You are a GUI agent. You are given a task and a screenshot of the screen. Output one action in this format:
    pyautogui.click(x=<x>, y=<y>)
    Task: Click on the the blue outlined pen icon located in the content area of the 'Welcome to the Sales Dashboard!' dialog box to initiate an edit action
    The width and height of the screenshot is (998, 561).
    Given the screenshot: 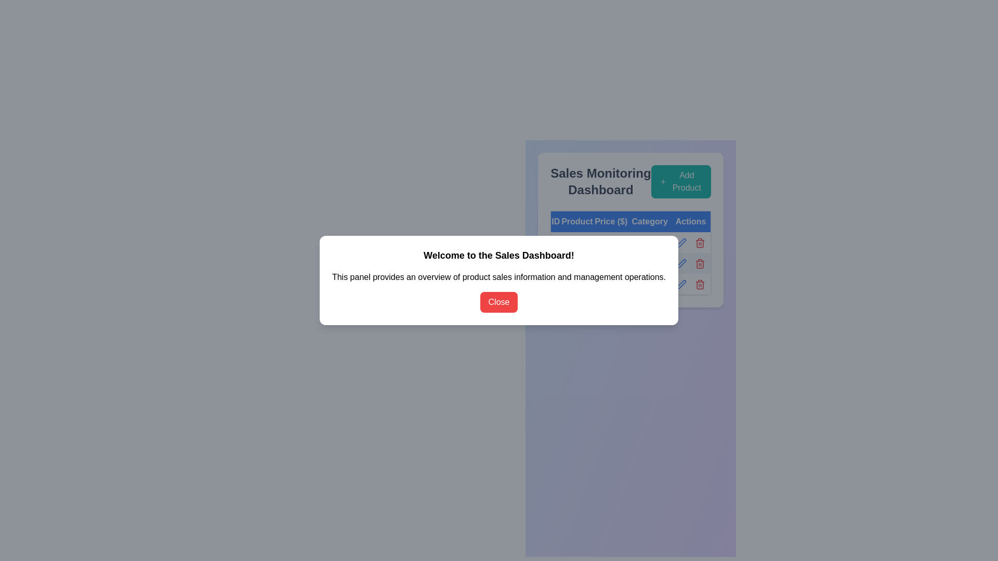 What is the action you would take?
    pyautogui.click(x=681, y=243)
    